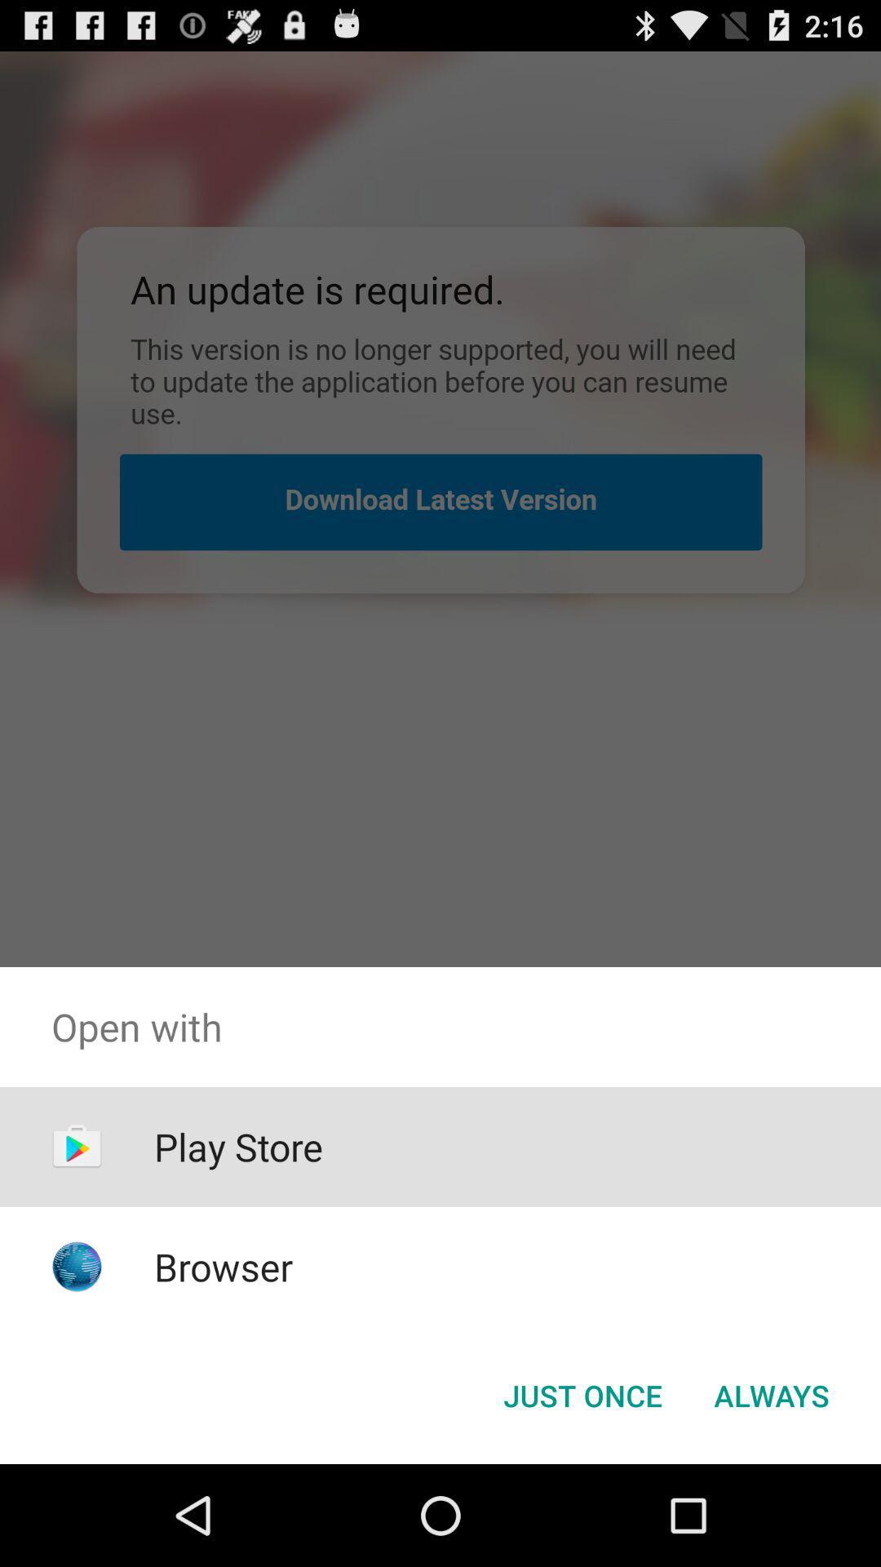 This screenshot has height=1567, width=881. Describe the element at coordinates (224, 1266) in the screenshot. I see `the app below play store item` at that location.